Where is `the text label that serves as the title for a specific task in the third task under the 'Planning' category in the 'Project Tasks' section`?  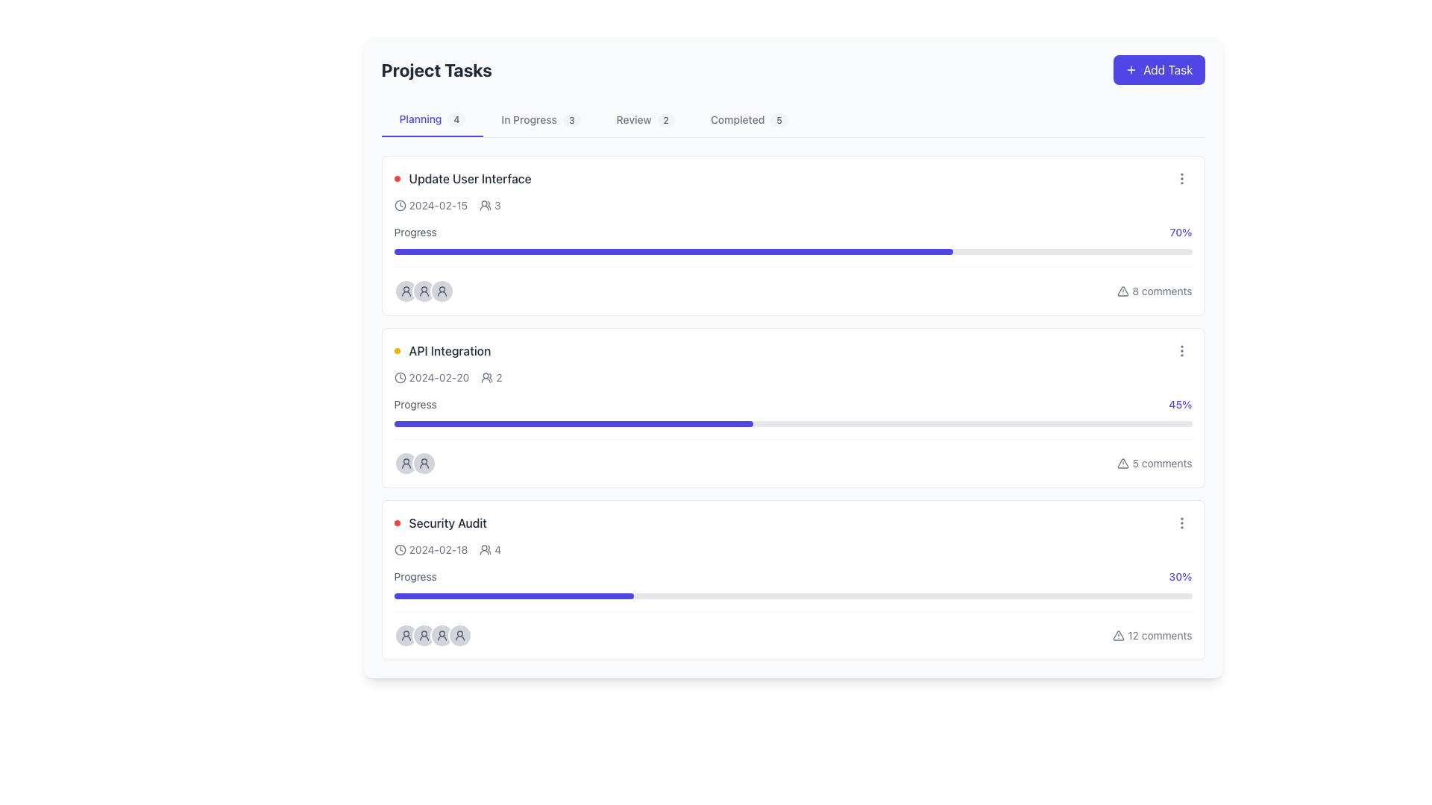
the text label that serves as the title for a specific task in the third task under the 'Planning' category in the 'Project Tasks' section is located at coordinates (447, 523).